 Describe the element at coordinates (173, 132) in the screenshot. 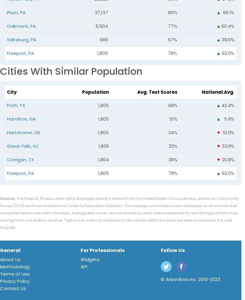

I see `'24%'` at that location.